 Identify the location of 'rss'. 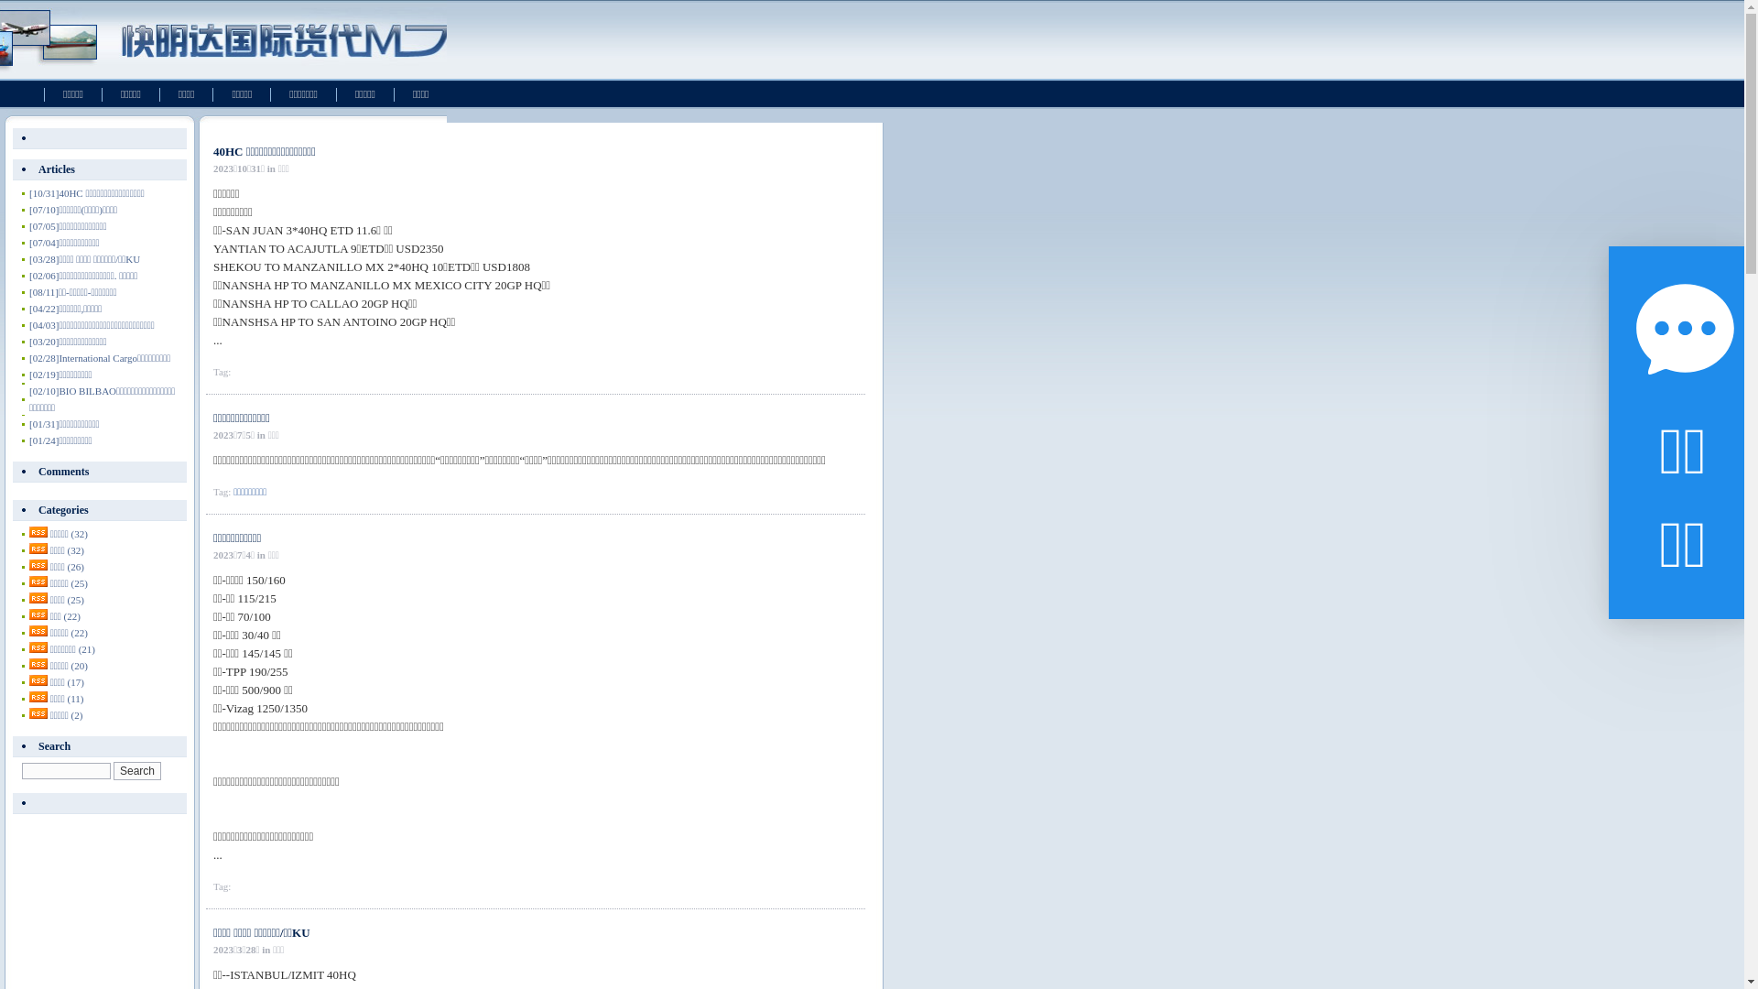
(38, 581).